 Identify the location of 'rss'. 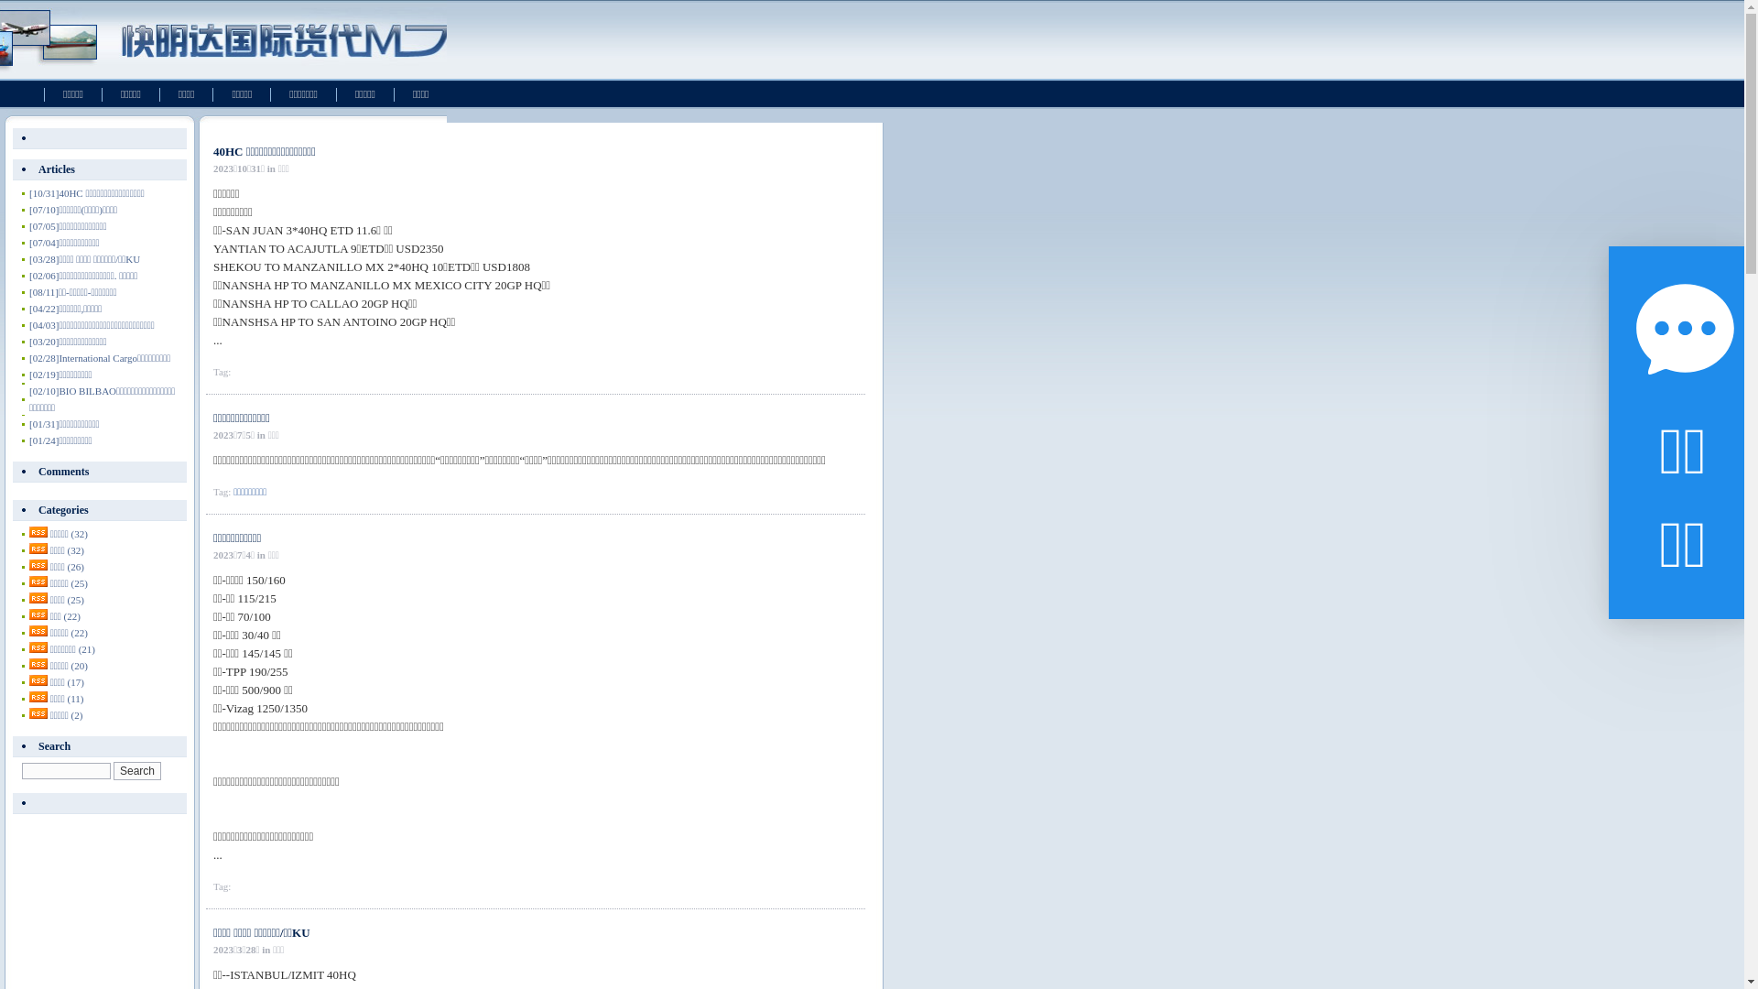
(38, 581).